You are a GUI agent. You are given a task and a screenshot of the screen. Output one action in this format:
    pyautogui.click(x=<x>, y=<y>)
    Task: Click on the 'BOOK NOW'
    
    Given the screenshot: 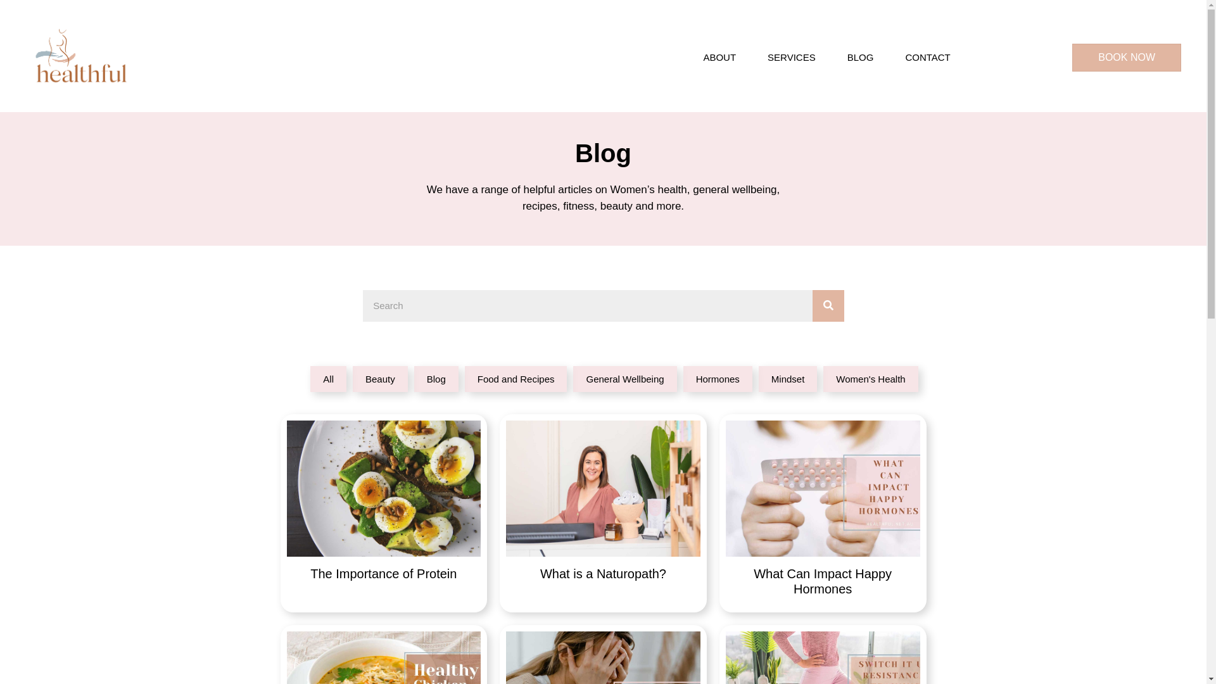 What is the action you would take?
    pyautogui.click(x=1072, y=58)
    